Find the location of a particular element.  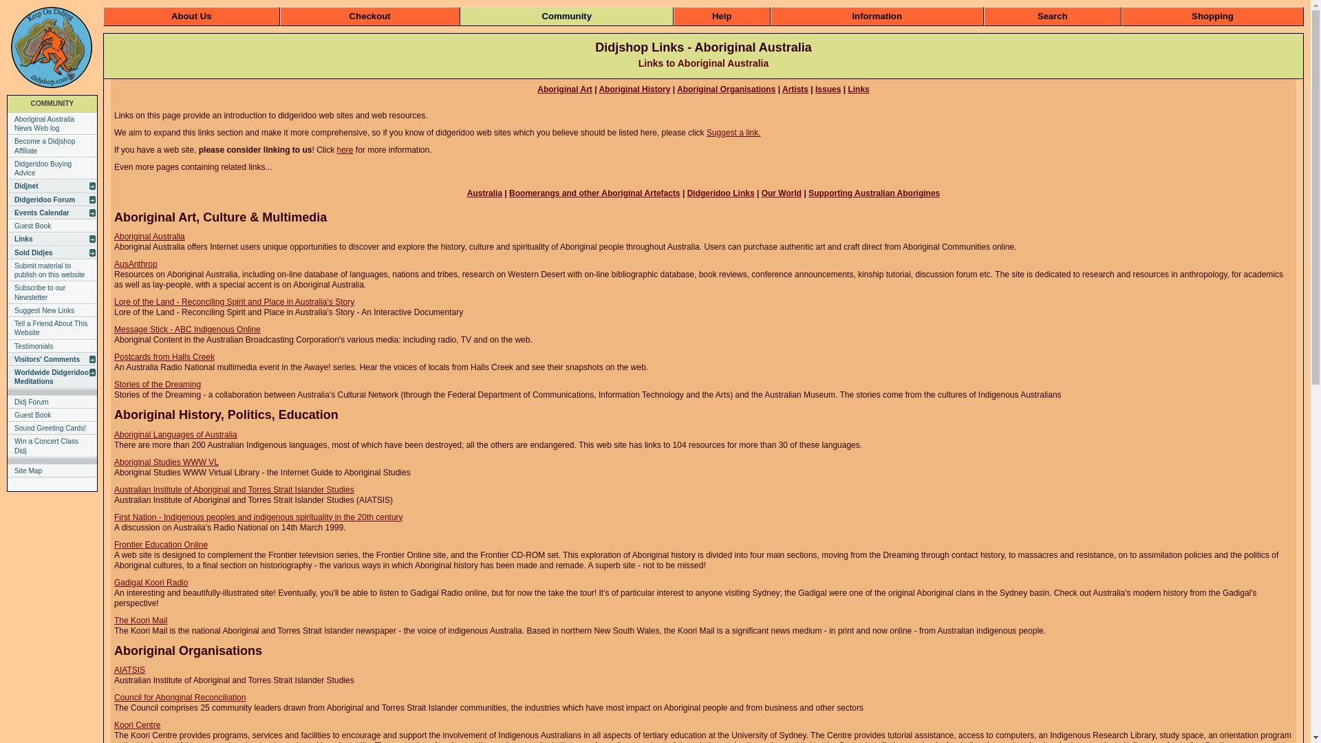

'AIATSIS' is located at coordinates (114, 669).